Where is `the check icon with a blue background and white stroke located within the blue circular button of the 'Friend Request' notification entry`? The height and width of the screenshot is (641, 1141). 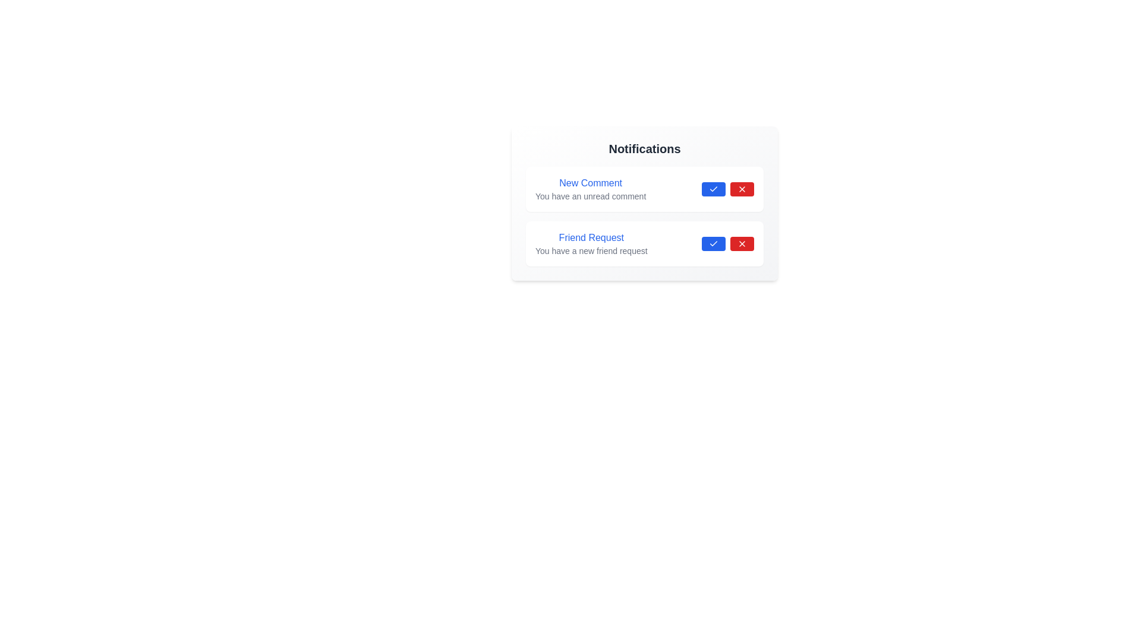 the check icon with a blue background and white stroke located within the blue circular button of the 'Friend Request' notification entry is located at coordinates (713, 243).